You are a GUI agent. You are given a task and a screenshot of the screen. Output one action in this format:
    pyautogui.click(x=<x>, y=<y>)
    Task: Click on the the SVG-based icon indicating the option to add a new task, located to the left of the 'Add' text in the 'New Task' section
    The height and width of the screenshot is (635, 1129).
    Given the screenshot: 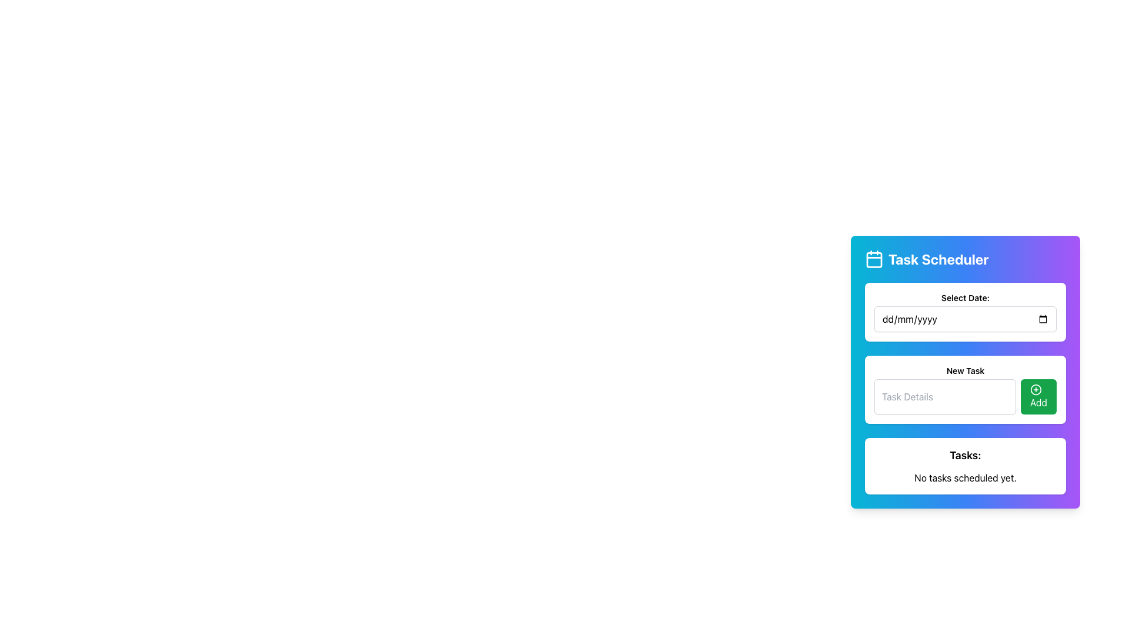 What is the action you would take?
    pyautogui.click(x=1036, y=390)
    